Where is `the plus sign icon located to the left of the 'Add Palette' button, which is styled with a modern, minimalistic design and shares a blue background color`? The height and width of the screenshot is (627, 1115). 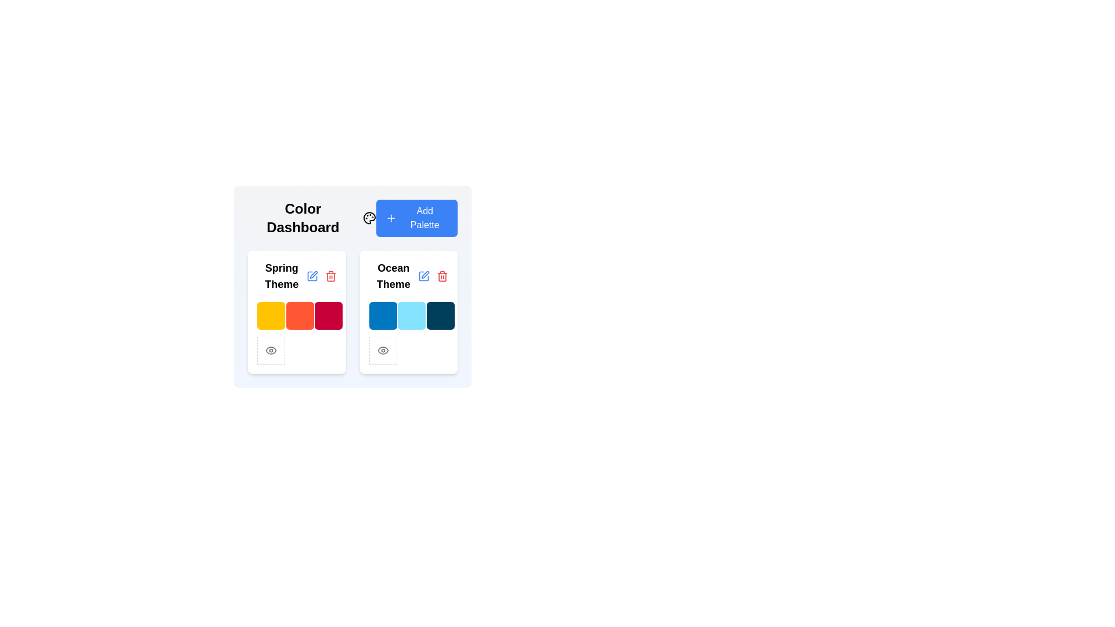
the plus sign icon located to the left of the 'Add Palette' button, which is styled with a modern, minimalistic design and shares a blue background color is located at coordinates (391, 218).